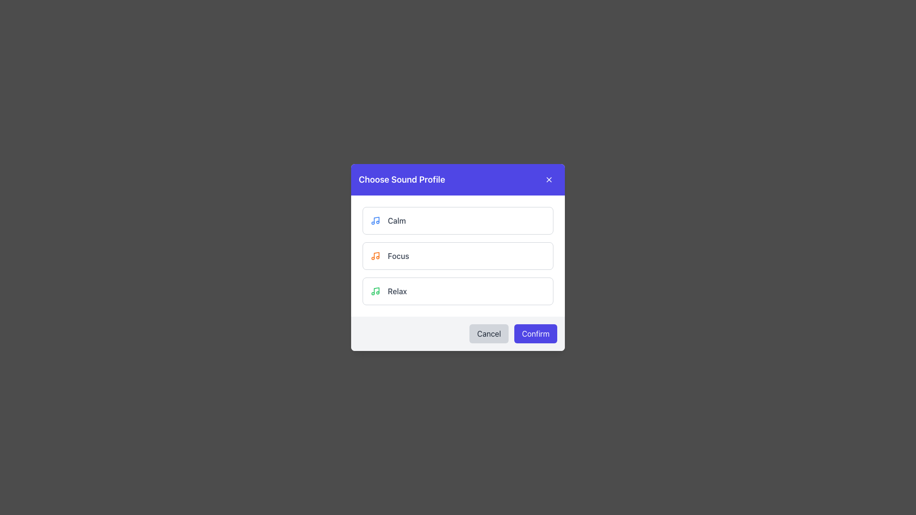 The height and width of the screenshot is (515, 916). What do you see at coordinates (375, 220) in the screenshot?
I see `the musical note icon, which is a blue rounded stylized shape located in the topmost row of the list within the modal window, directly before the text label 'Calm'` at bounding box center [375, 220].